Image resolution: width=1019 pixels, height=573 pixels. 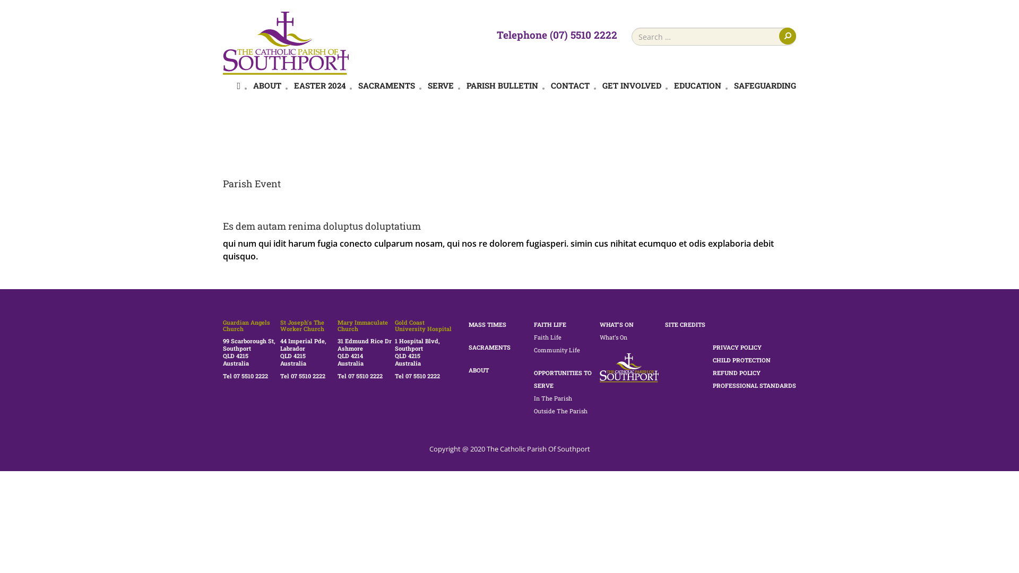 I want to click on 'MASS TIMES', so click(x=486, y=324).